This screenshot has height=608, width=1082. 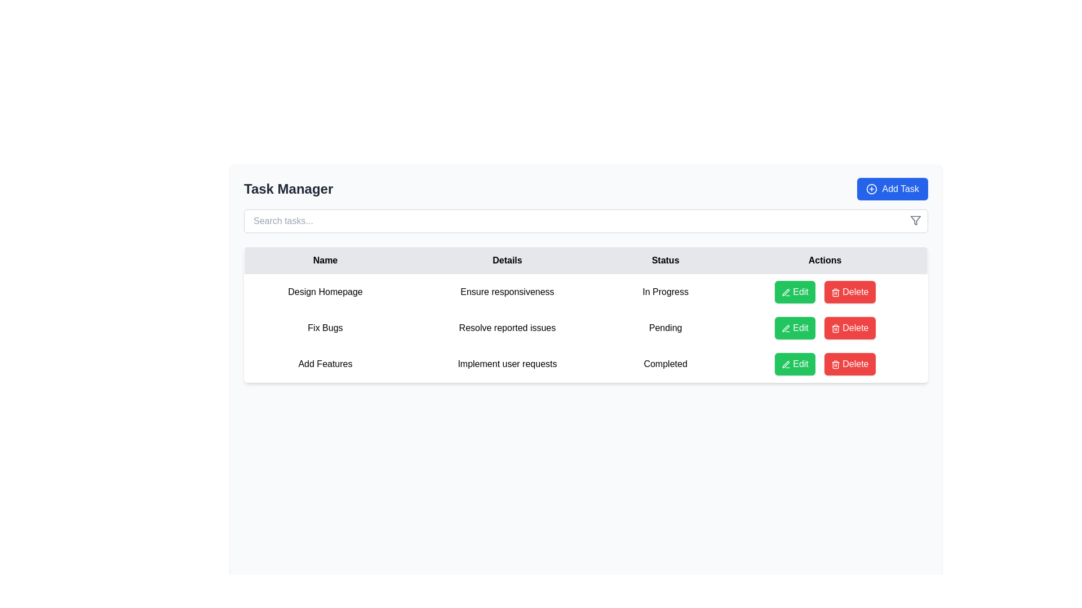 I want to click on the trash bin icon, which is a cylindrical shaped icon with a top lid in red color, located in the first row of the 'Actions' column, to the right of the 'Delete' button, so click(x=835, y=364).